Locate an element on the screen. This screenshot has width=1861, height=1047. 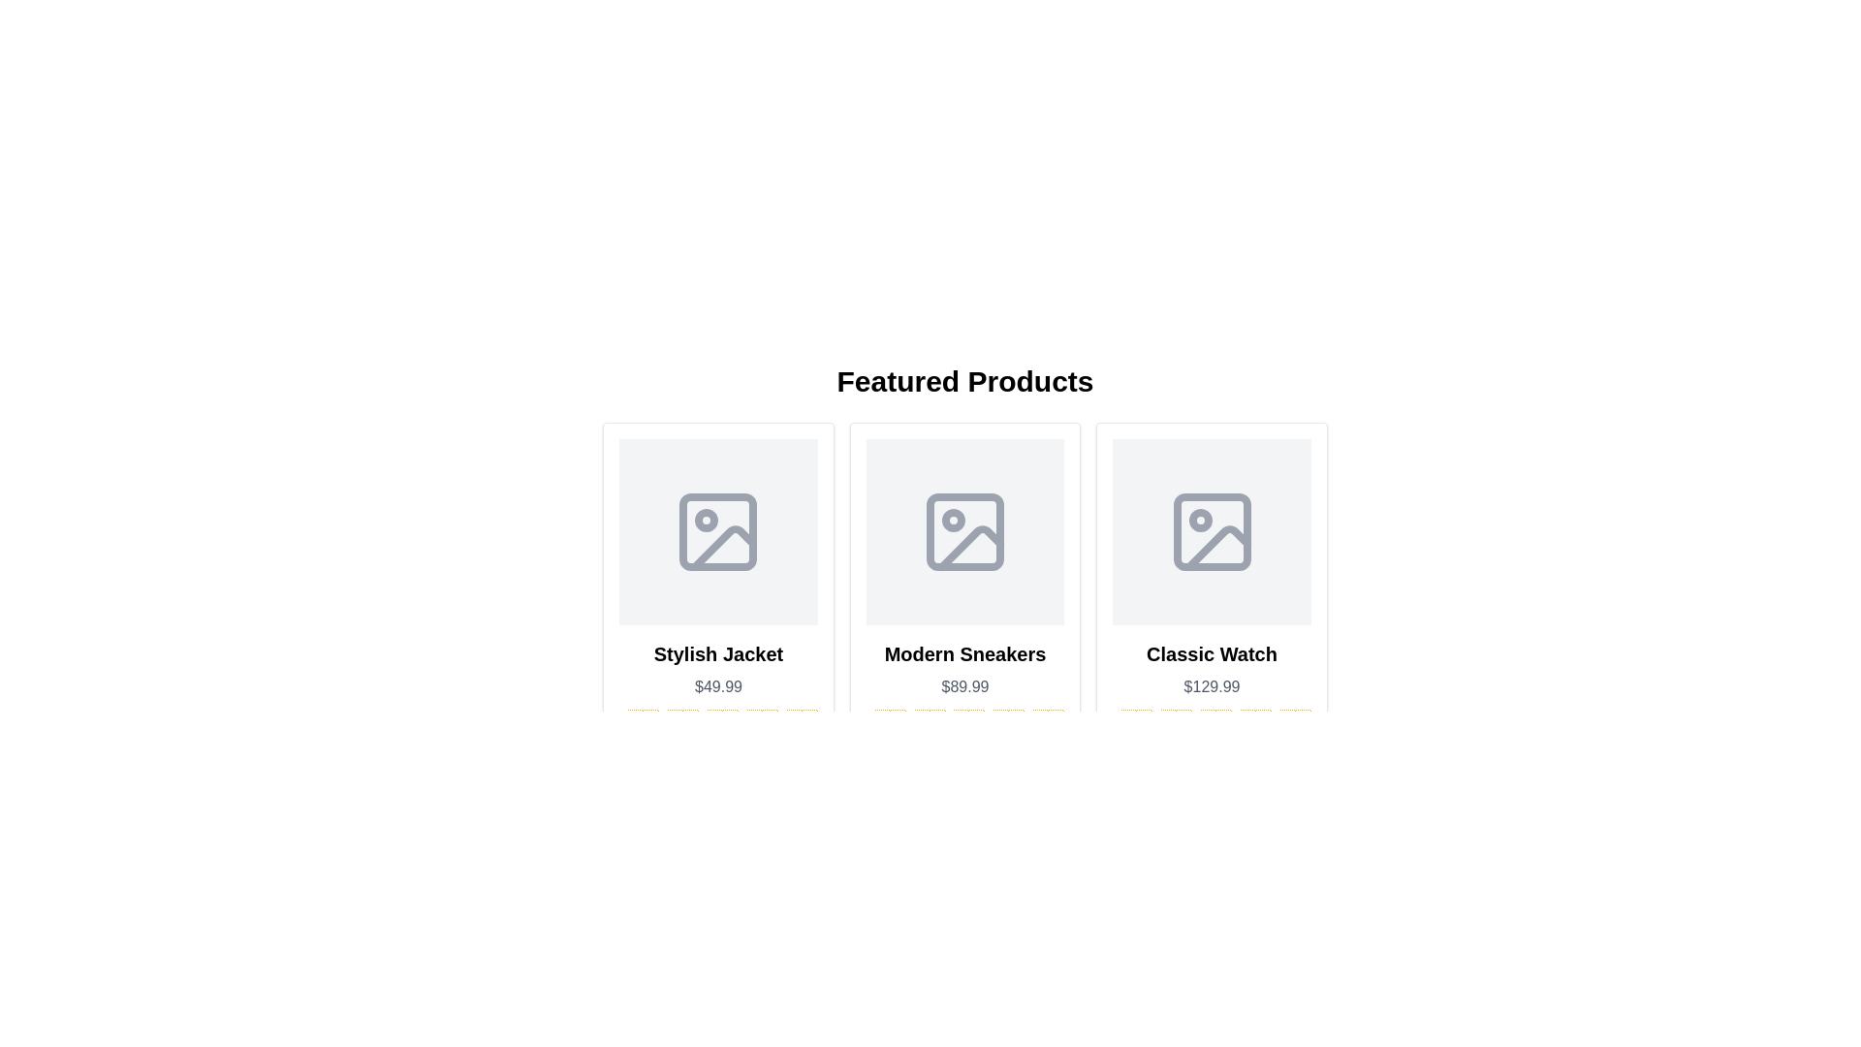
the SVG Circle located in the central product card labeled 'Modern Sneakers', which is part of the central icon near its top-left corner is located at coordinates (953, 519).